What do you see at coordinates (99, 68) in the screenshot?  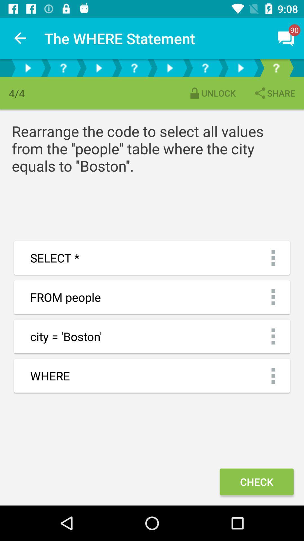 I see `open slide` at bounding box center [99, 68].